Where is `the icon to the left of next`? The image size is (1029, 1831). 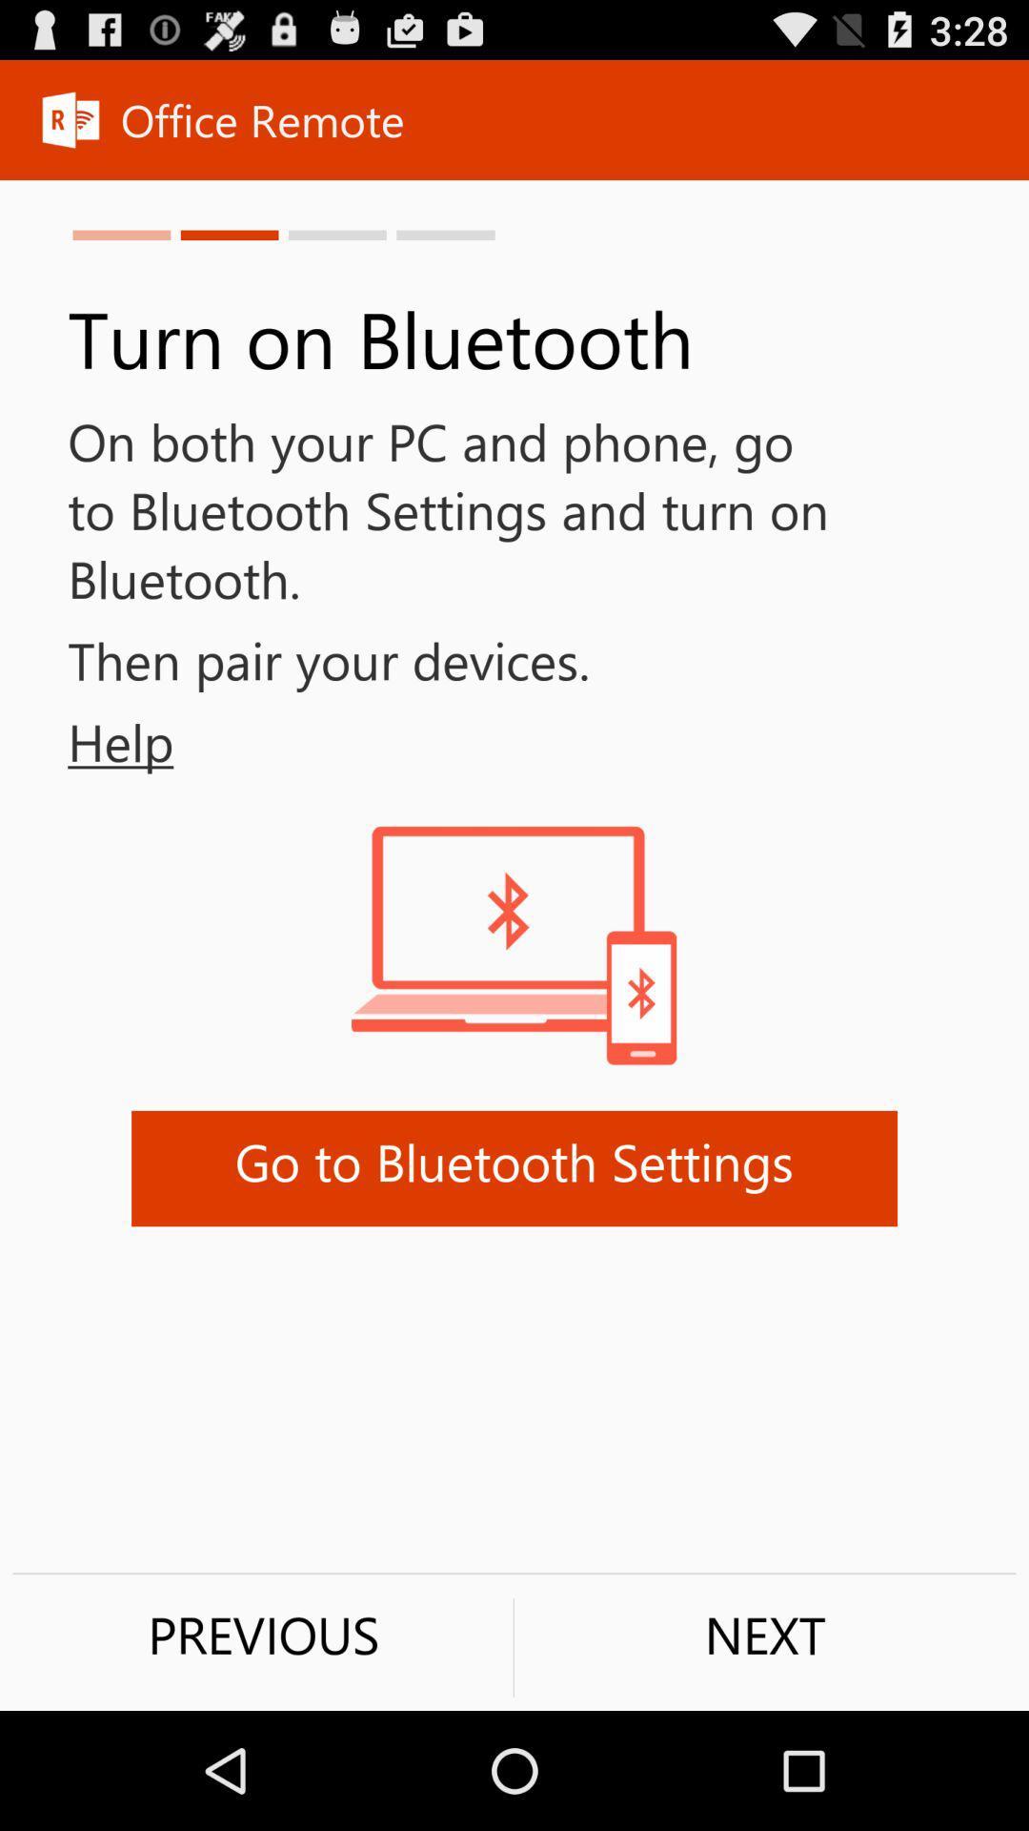 the icon to the left of next is located at coordinates (263, 1634).